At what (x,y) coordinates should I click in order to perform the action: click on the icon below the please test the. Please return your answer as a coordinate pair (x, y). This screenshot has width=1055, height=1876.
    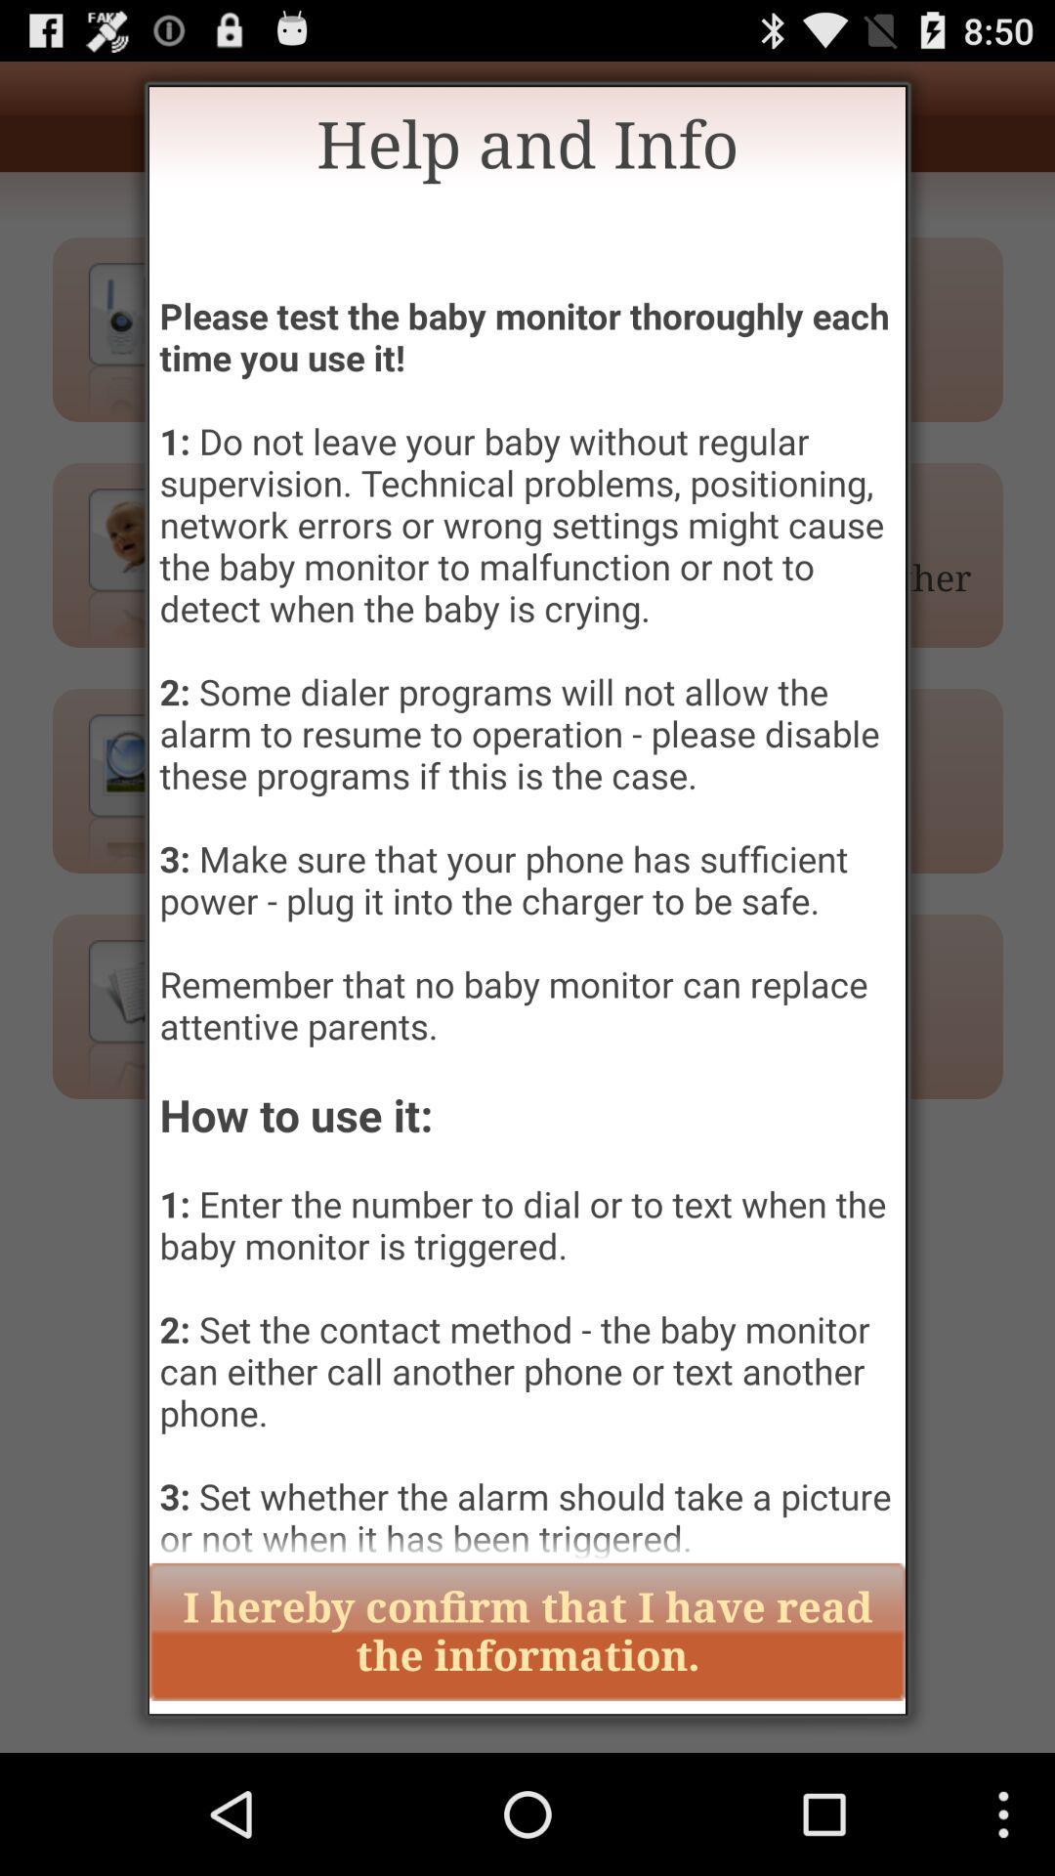
    Looking at the image, I should click on (527, 1632).